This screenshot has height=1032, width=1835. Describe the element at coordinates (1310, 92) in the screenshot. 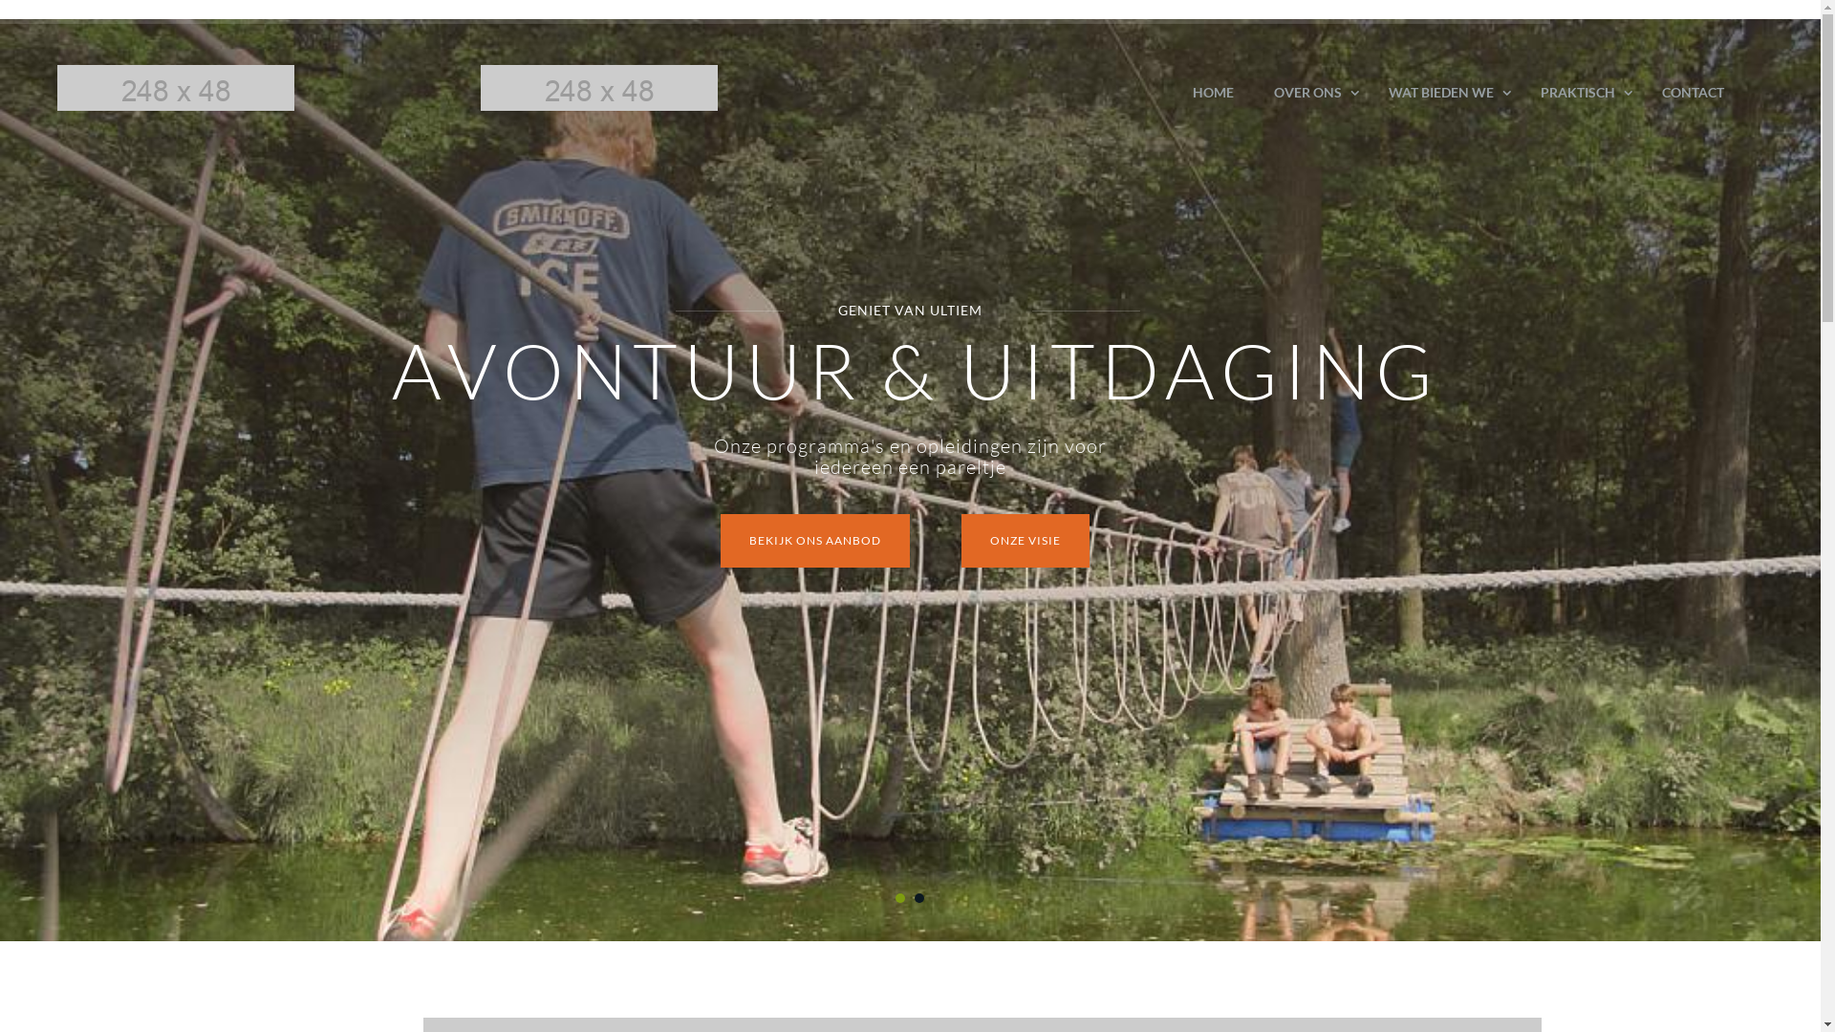

I see `'OVER ONS'` at that location.